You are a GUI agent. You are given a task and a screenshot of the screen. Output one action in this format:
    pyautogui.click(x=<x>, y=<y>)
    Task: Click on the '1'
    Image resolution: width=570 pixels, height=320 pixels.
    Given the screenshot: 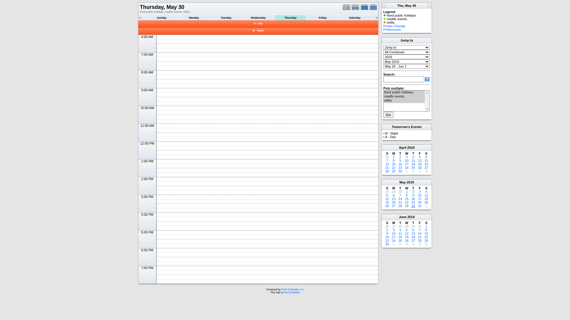 What is the action you would take?
    pyautogui.click(x=393, y=156)
    